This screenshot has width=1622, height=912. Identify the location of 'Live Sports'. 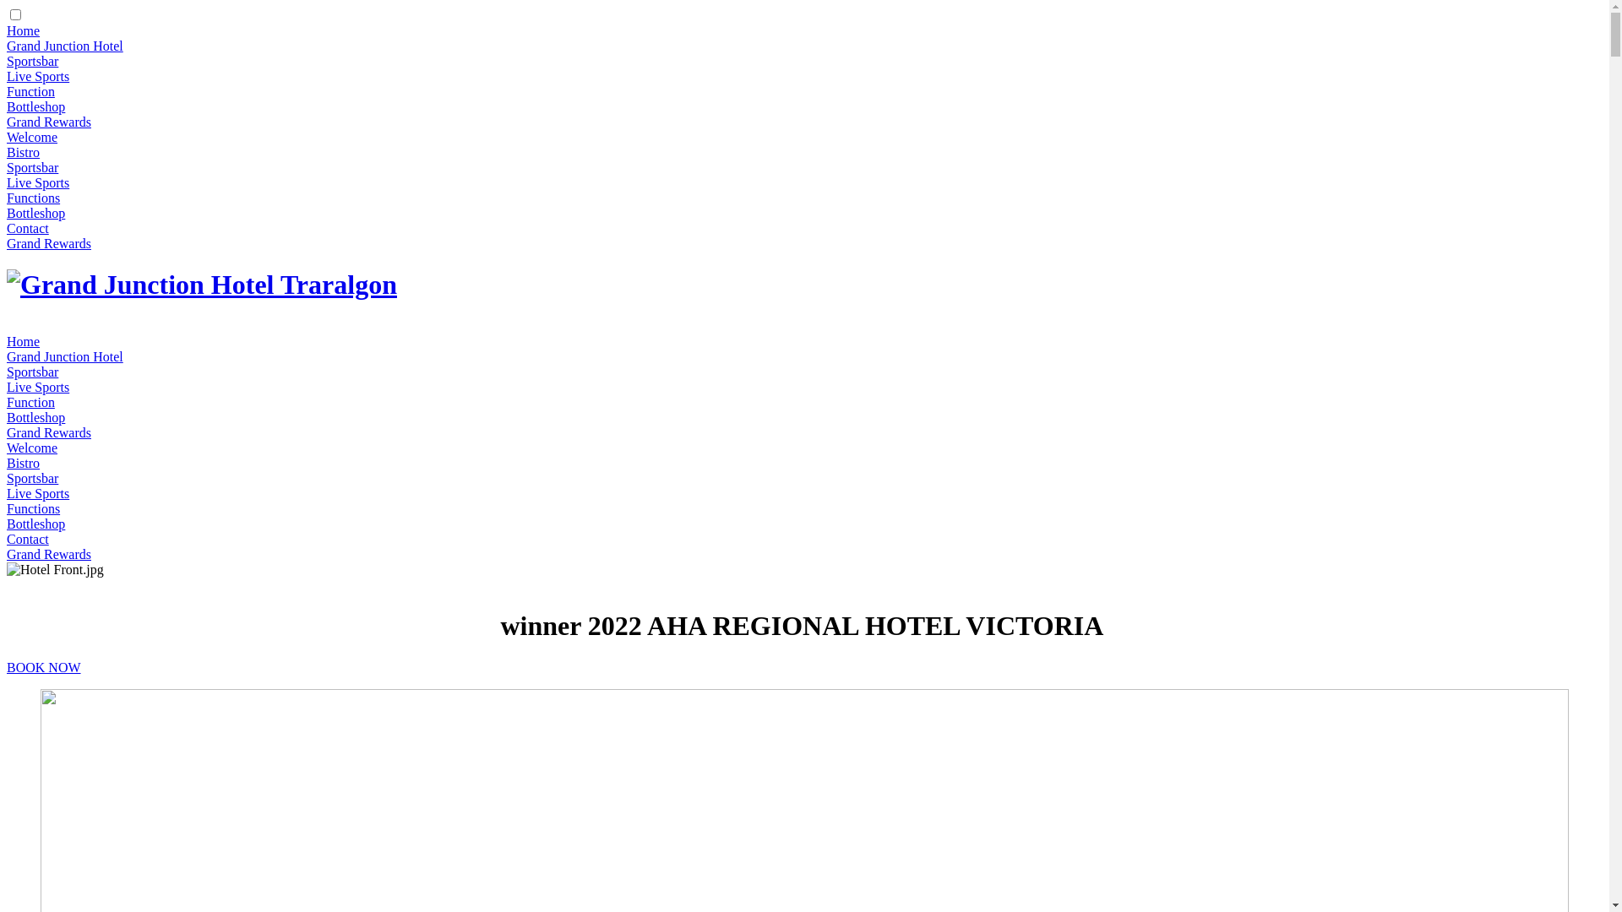
(37, 387).